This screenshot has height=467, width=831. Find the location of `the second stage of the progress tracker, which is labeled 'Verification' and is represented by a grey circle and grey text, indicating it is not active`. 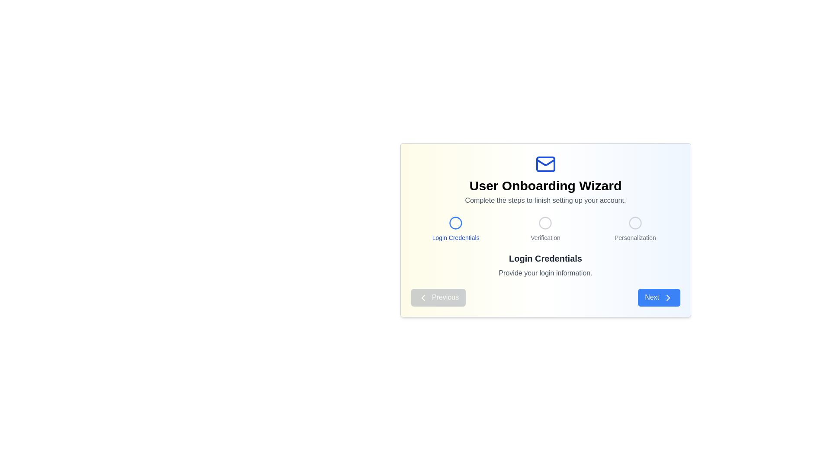

the second stage of the progress tracker, which is labeled 'Verification' and is represented by a grey circle and grey text, indicating it is not active is located at coordinates (545, 228).